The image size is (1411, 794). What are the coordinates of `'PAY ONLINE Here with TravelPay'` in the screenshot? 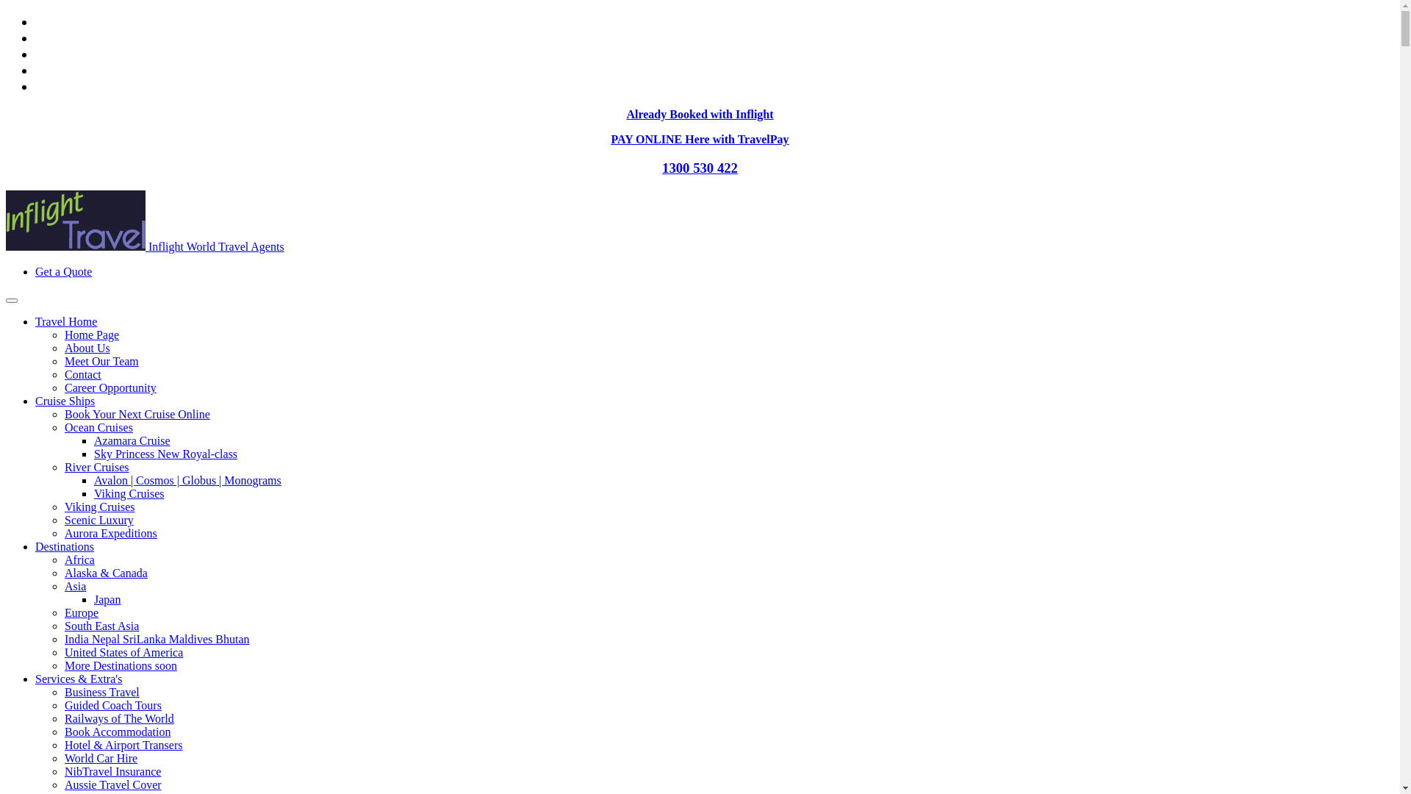 It's located at (698, 139).